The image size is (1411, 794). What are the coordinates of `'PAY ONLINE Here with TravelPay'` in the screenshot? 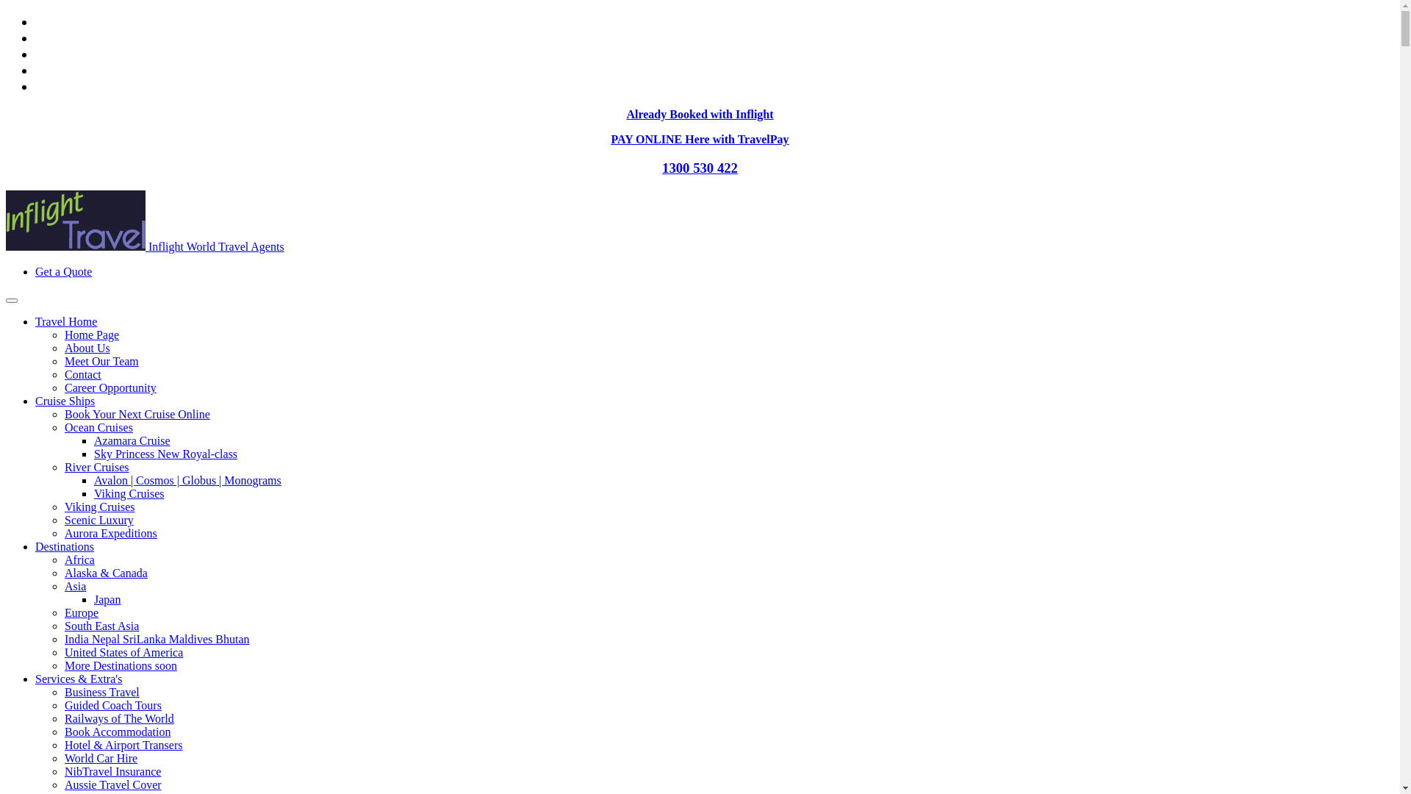 It's located at (698, 139).